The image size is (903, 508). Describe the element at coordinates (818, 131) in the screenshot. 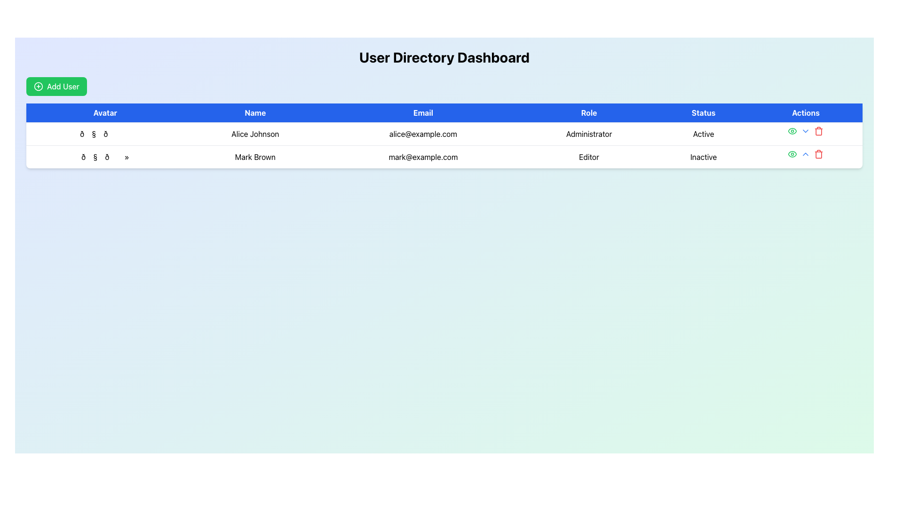

I see `the red trash icon button located as the third element under the 'Actions' column in the second table row to initiate a delete action` at that location.